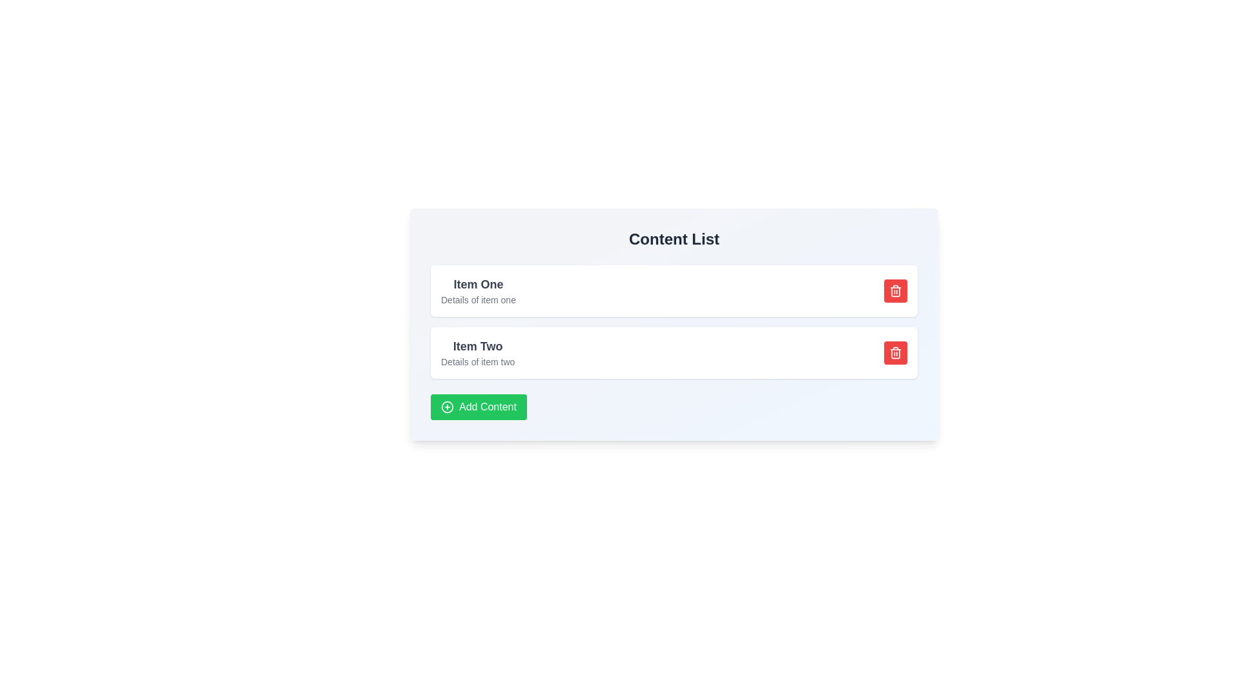 The height and width of the screenshot is (697, 1240). I want to click on the trash can icon with a red background that represents deletion functionality, located to the right of two listed content items in the control panel of the second item, so click(895, 353).